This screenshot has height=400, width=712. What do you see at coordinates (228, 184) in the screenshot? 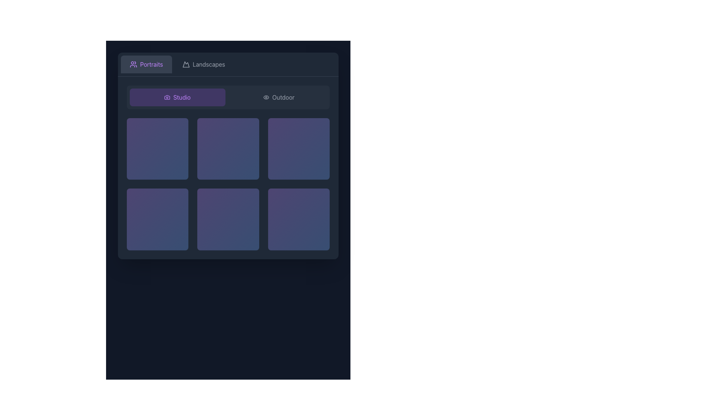
I see `the middle element of the second row in a 3x2 grid layout, which is a Grid Cell intended for displaying additional information or images` at bounding box center [228, 184].